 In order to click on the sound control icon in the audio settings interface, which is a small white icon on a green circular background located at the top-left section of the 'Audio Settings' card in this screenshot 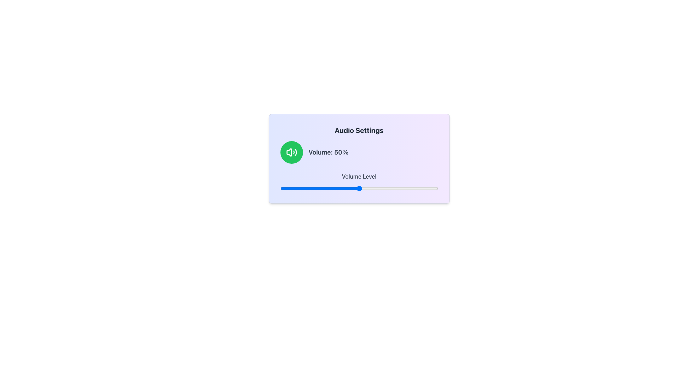, I will do `click(289, 152)`.